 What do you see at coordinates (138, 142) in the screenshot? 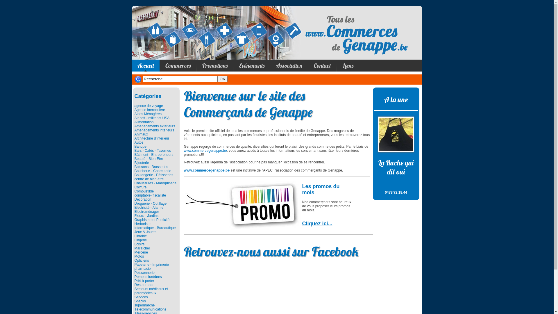
I see `'Autos'` at bounding box center [138, 142].